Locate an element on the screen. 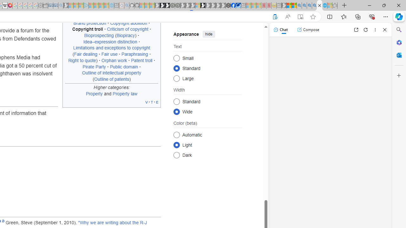 Image resolution: width=406 pixels, height=228 pixels. 'Close Customize pane' is located at coordinates (399, 75).